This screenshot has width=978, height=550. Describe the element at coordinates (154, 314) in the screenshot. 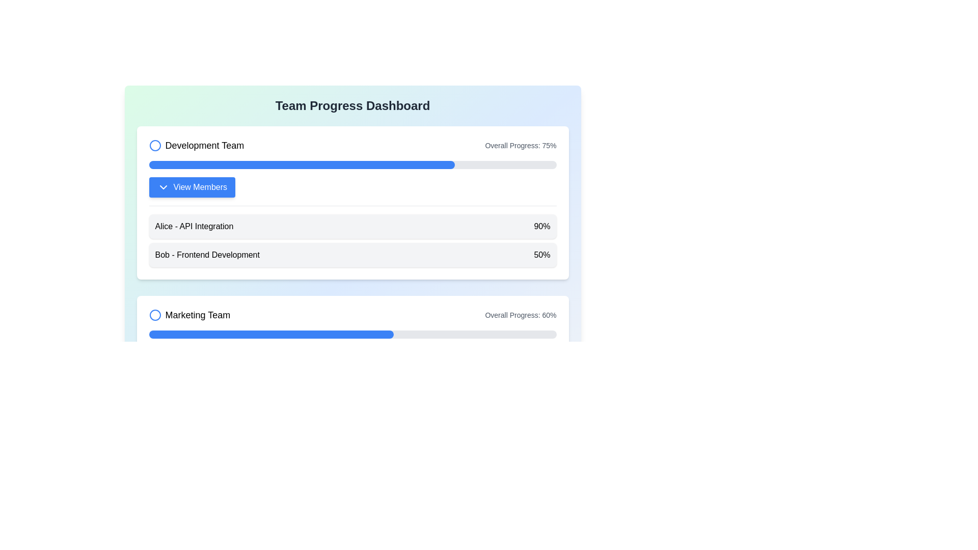

I see `the circular icon indicating the 'Marketing Team' section, which is located to the immediate left of the text 'Marketing Team' within the second team section` at that location.